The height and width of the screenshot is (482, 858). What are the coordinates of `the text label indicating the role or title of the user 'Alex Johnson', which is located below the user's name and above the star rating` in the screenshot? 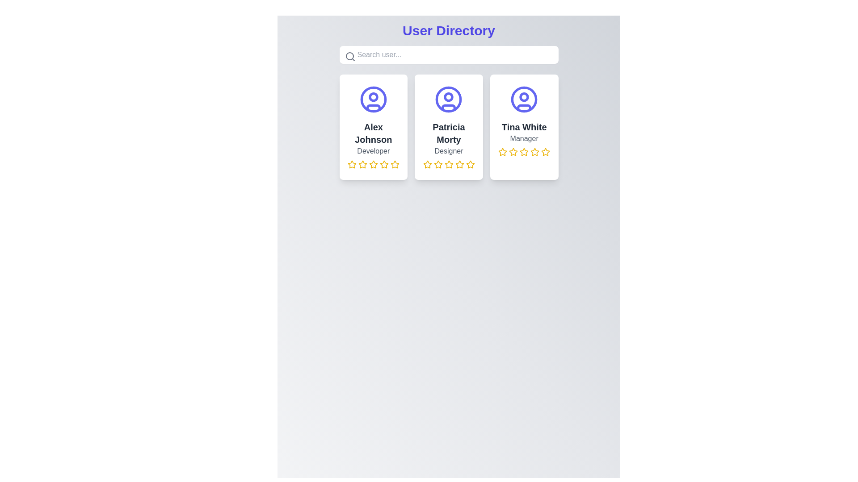 It's located at (373, 151).